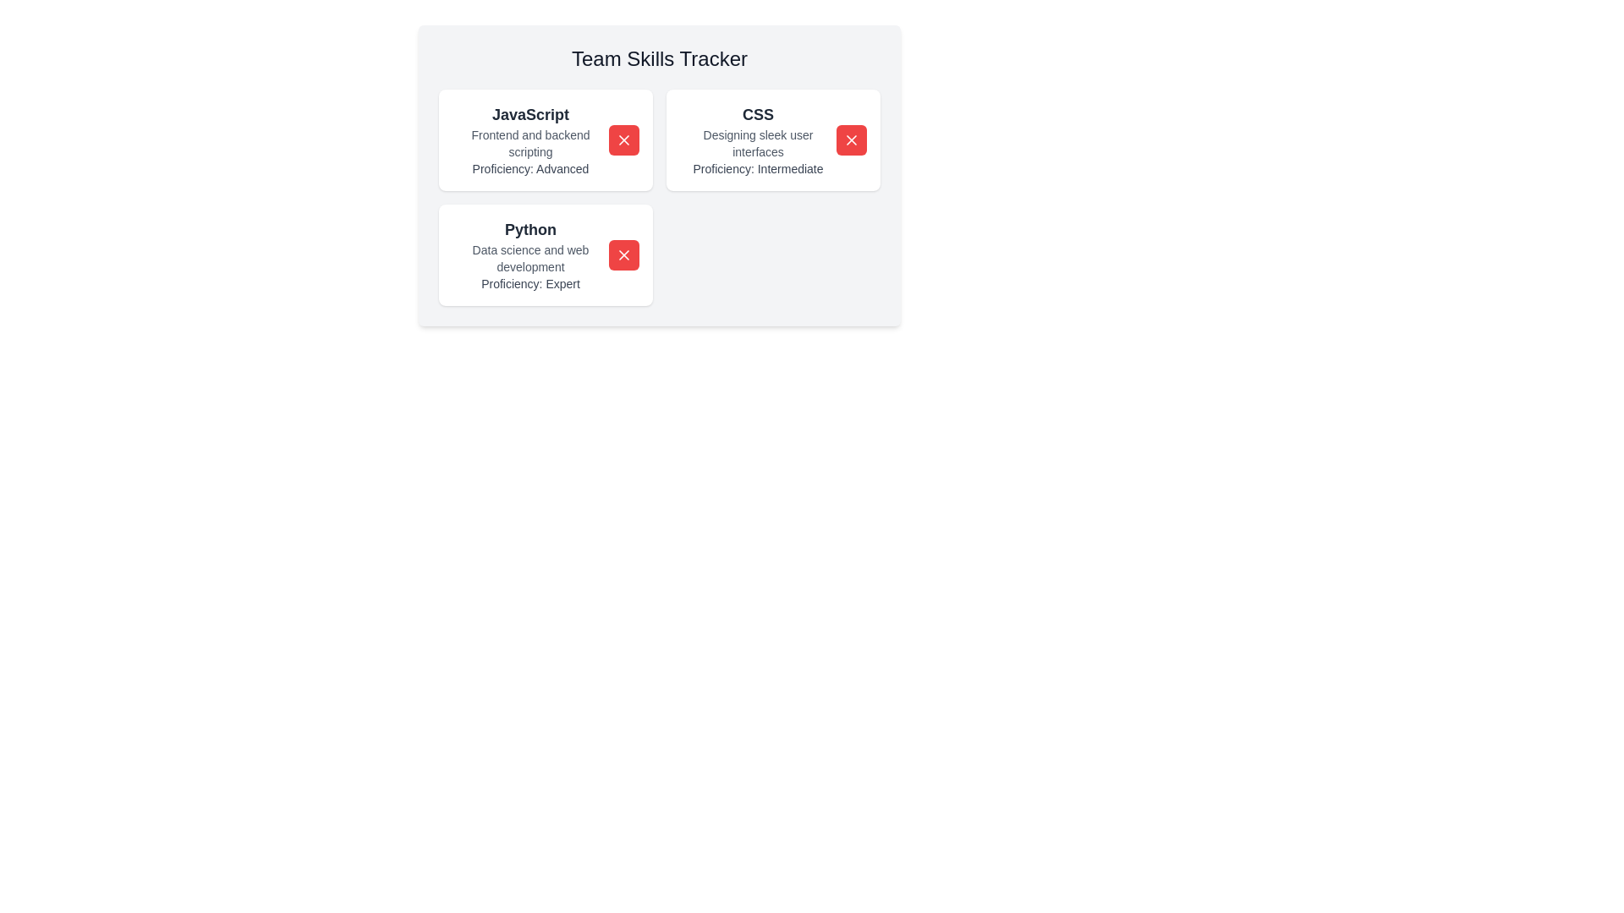  What do you see at coordinates (852, 139) in the screenshot?
I see `red 'X' button on the skill card for CSS` at bounding box center [852, 139].